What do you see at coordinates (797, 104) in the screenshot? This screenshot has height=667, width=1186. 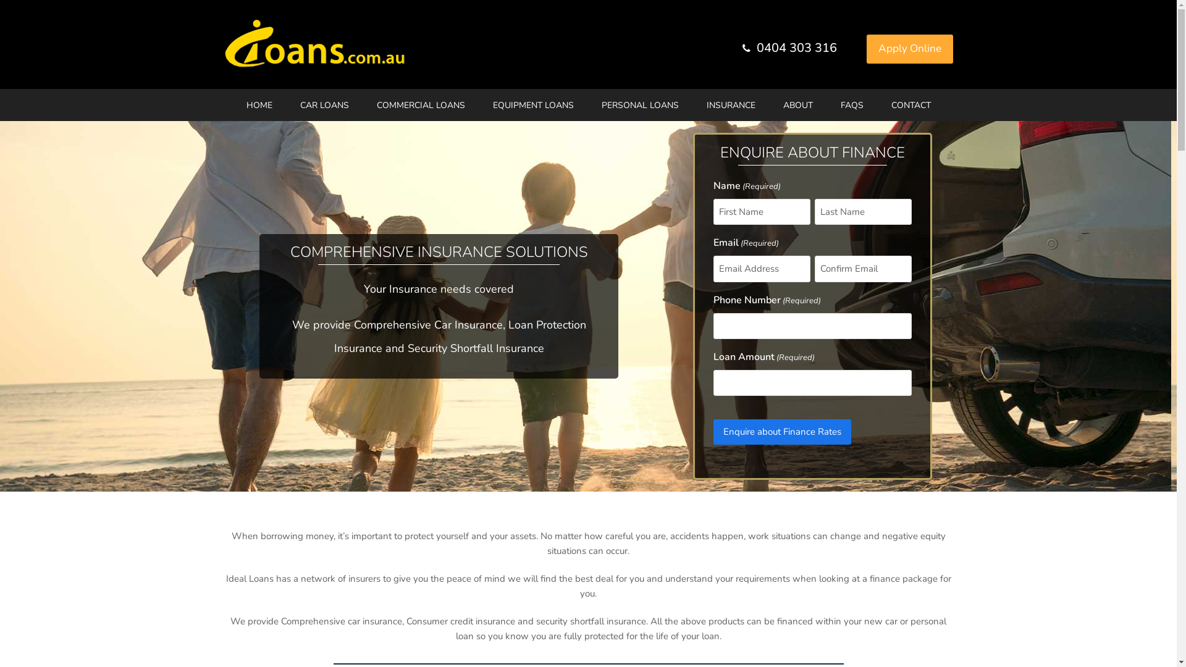 I see `'ABOUT'` at bounding box center [797, 104].